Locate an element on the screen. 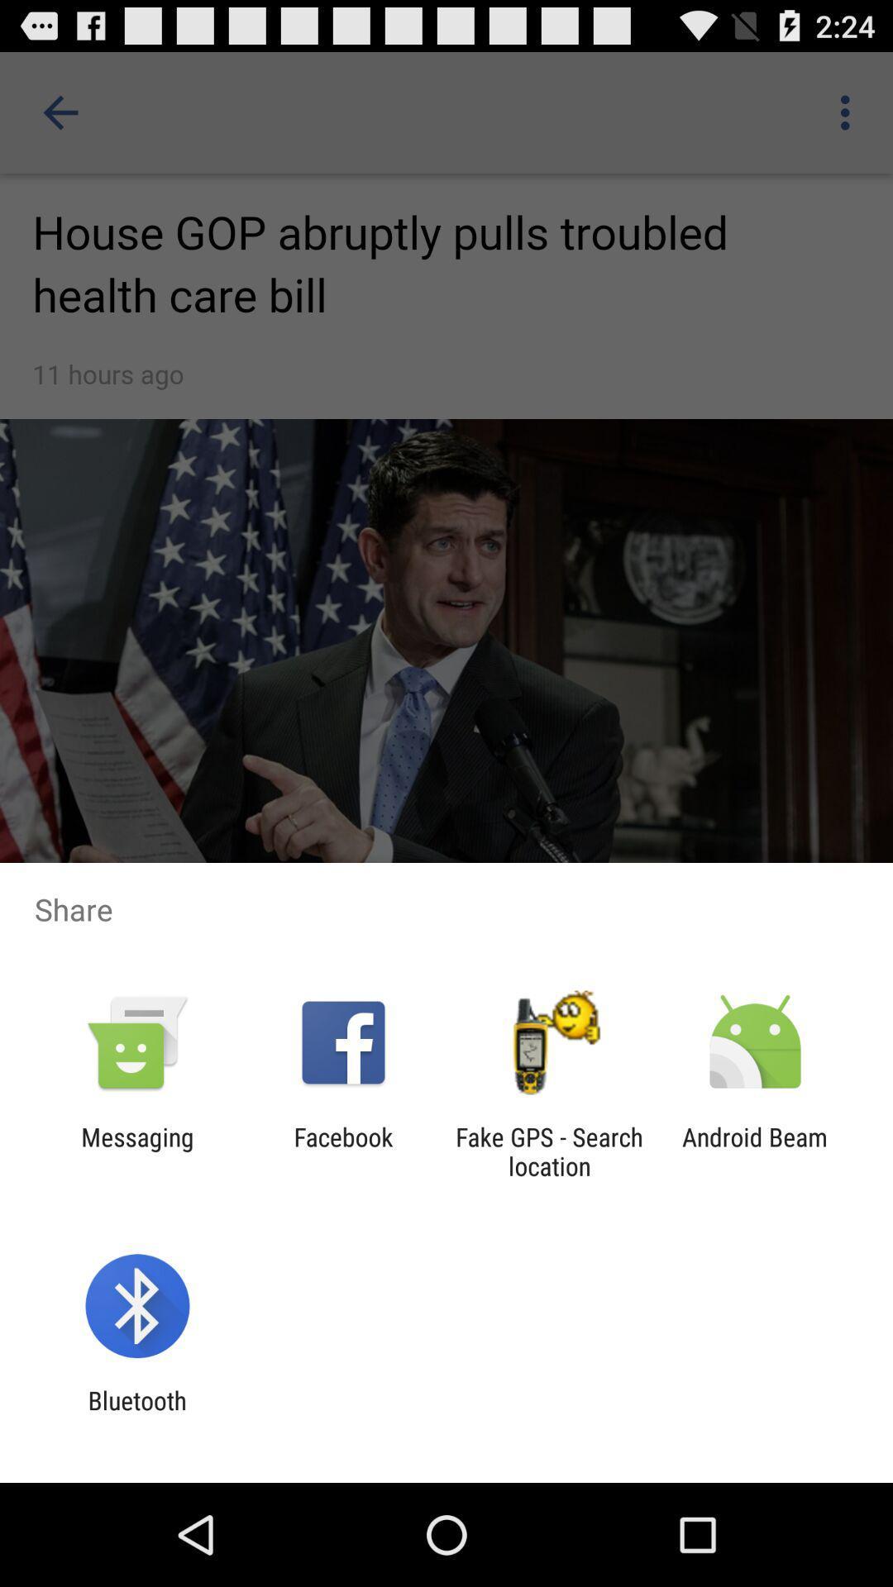  icon to the left of facebook icon is located at coordinates (136, 1151).